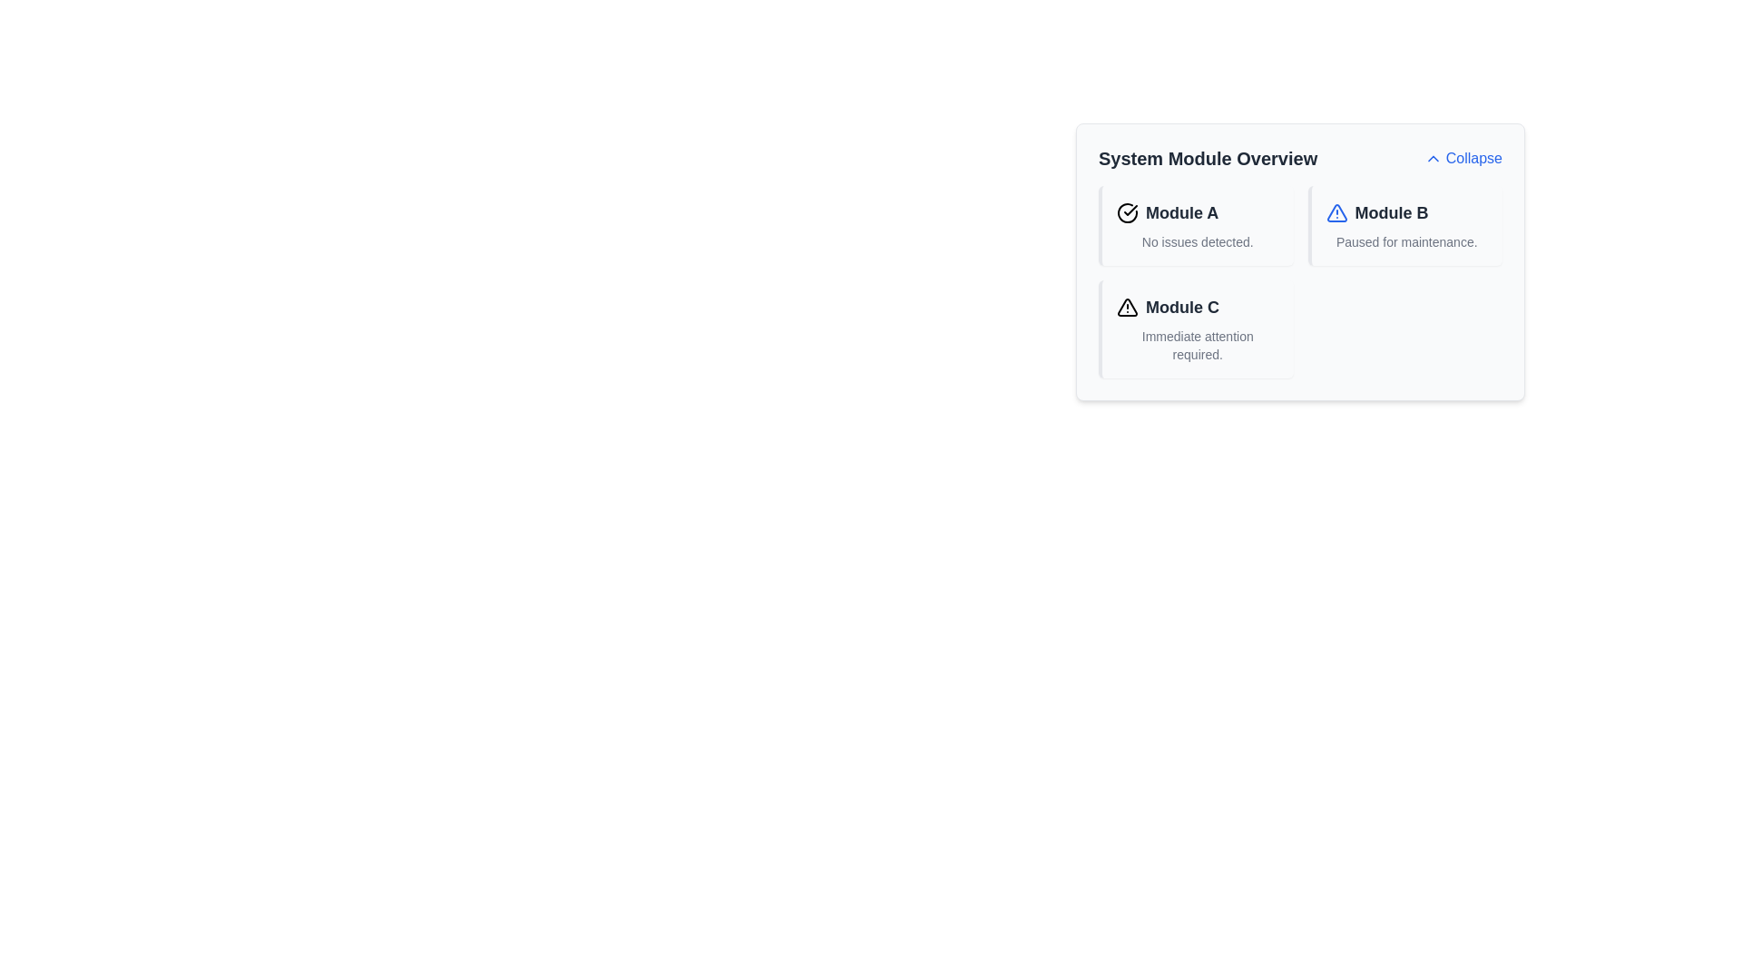 This screenshot has width=1742, height=980. Describe the element at coordinates (1198, 346) in the screenshot. I see `text label that states 'Immediate attention required.' which is styled in small gray font and is located below the title 'Module C'` at that location.